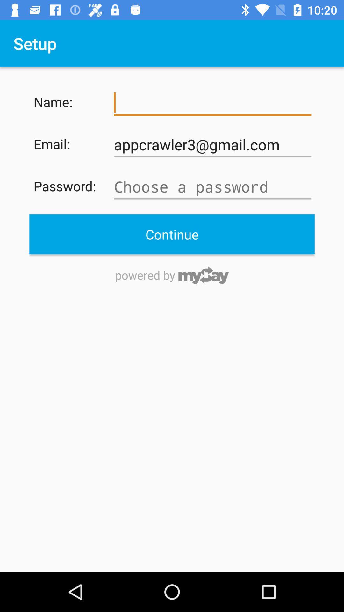 Image resolution: width=344 pixels, height=612 pixels. What do you see at coordinates (212, 186) in the screenshot?
I see `the icon above continue icon` at bounding box center [212, 186].